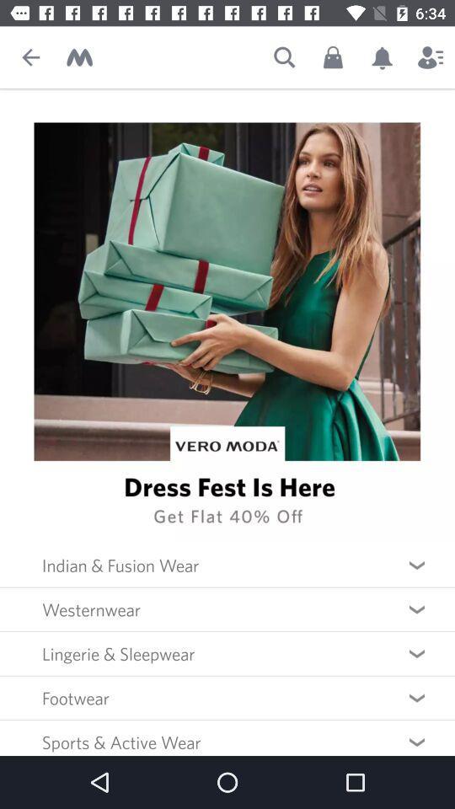  I want to click on account menu, so click(431, 57).